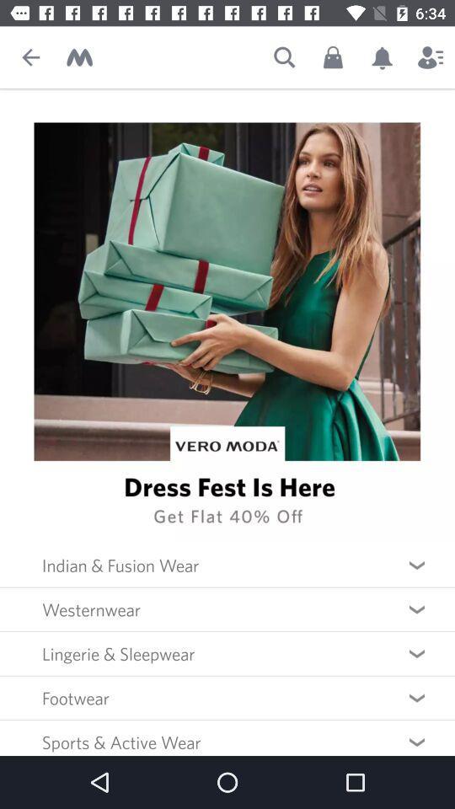  I want to click on account menu, so click(431, 57).